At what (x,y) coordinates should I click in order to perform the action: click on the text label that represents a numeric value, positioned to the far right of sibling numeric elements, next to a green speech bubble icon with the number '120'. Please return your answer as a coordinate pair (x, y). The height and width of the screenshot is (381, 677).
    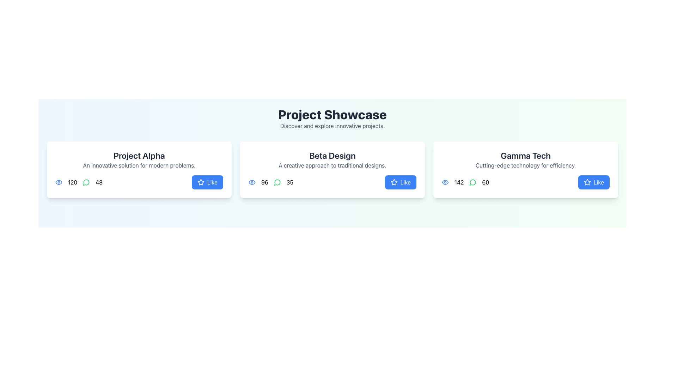
    Looking at the image, I should click on (99, 182).